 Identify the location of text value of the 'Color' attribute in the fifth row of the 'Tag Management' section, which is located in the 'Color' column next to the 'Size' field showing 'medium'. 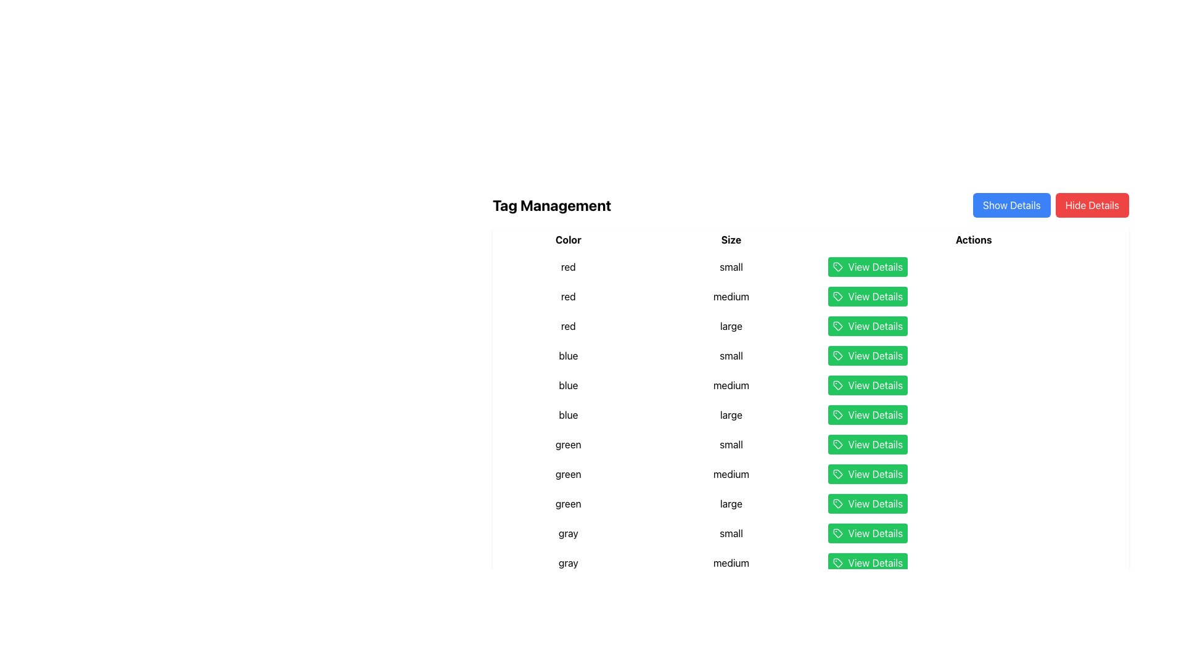
(567, 384).